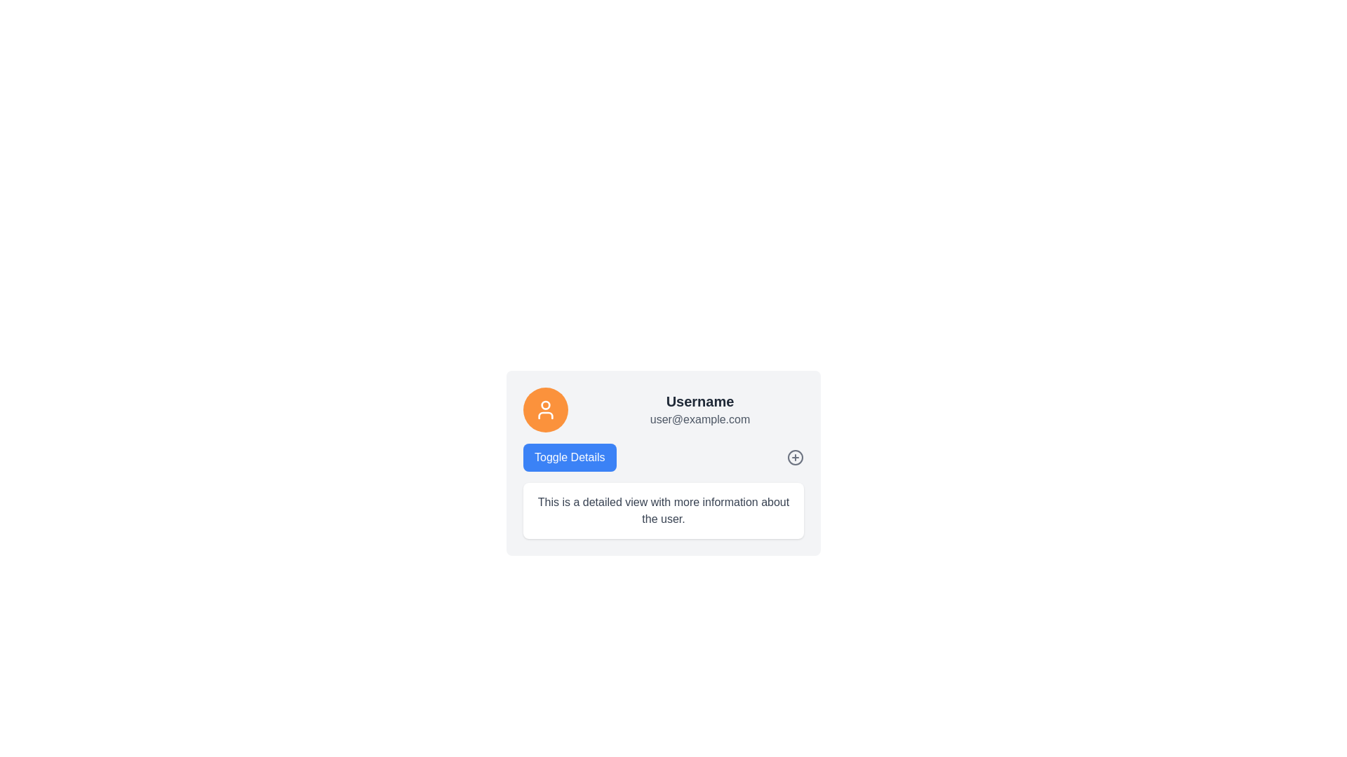 The image size is (1347, 757). What do you see at coordinates (544, 405) in the screenshot?
I see `the medium-sized circular SVG element located at the center of the user profile section's icon` at bounding box center [544, 405].